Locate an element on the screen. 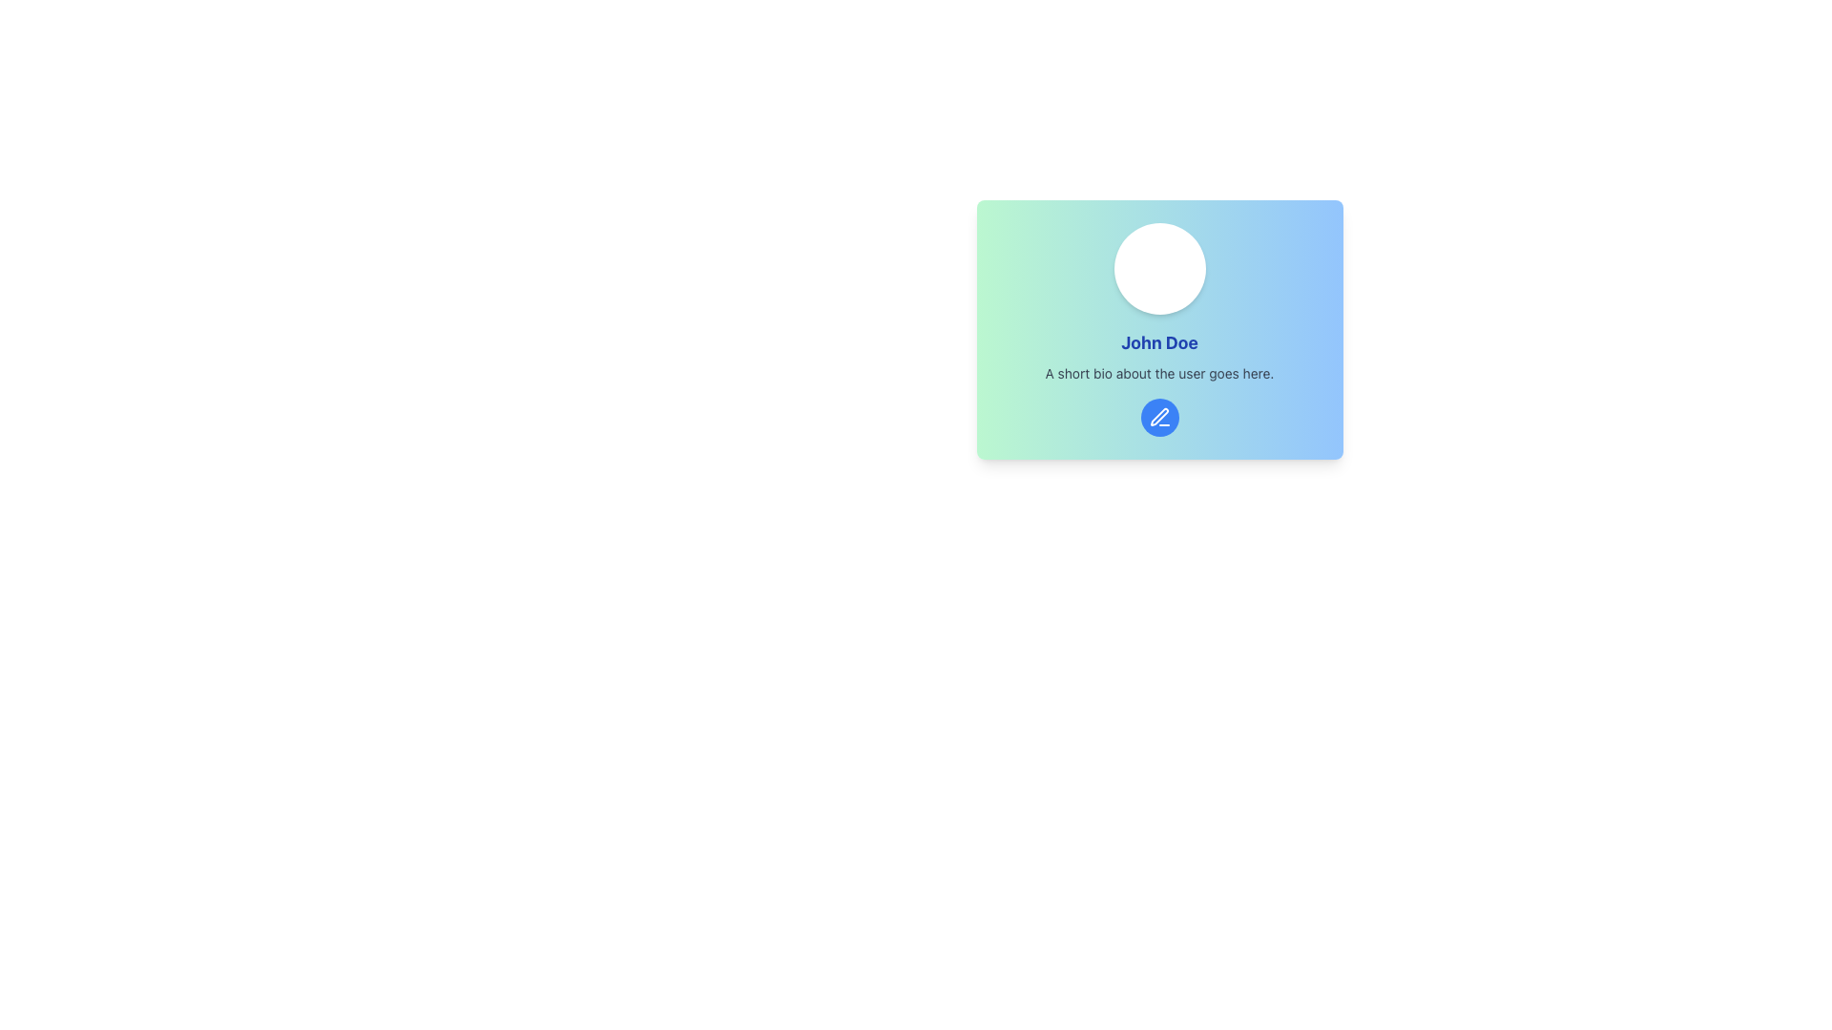 This screenshot has width=1832, height=1030. the pen icon within the circular blue button located under the text 'A short bio about the user goes here' on the user card is located at coordinates (1158, 417).